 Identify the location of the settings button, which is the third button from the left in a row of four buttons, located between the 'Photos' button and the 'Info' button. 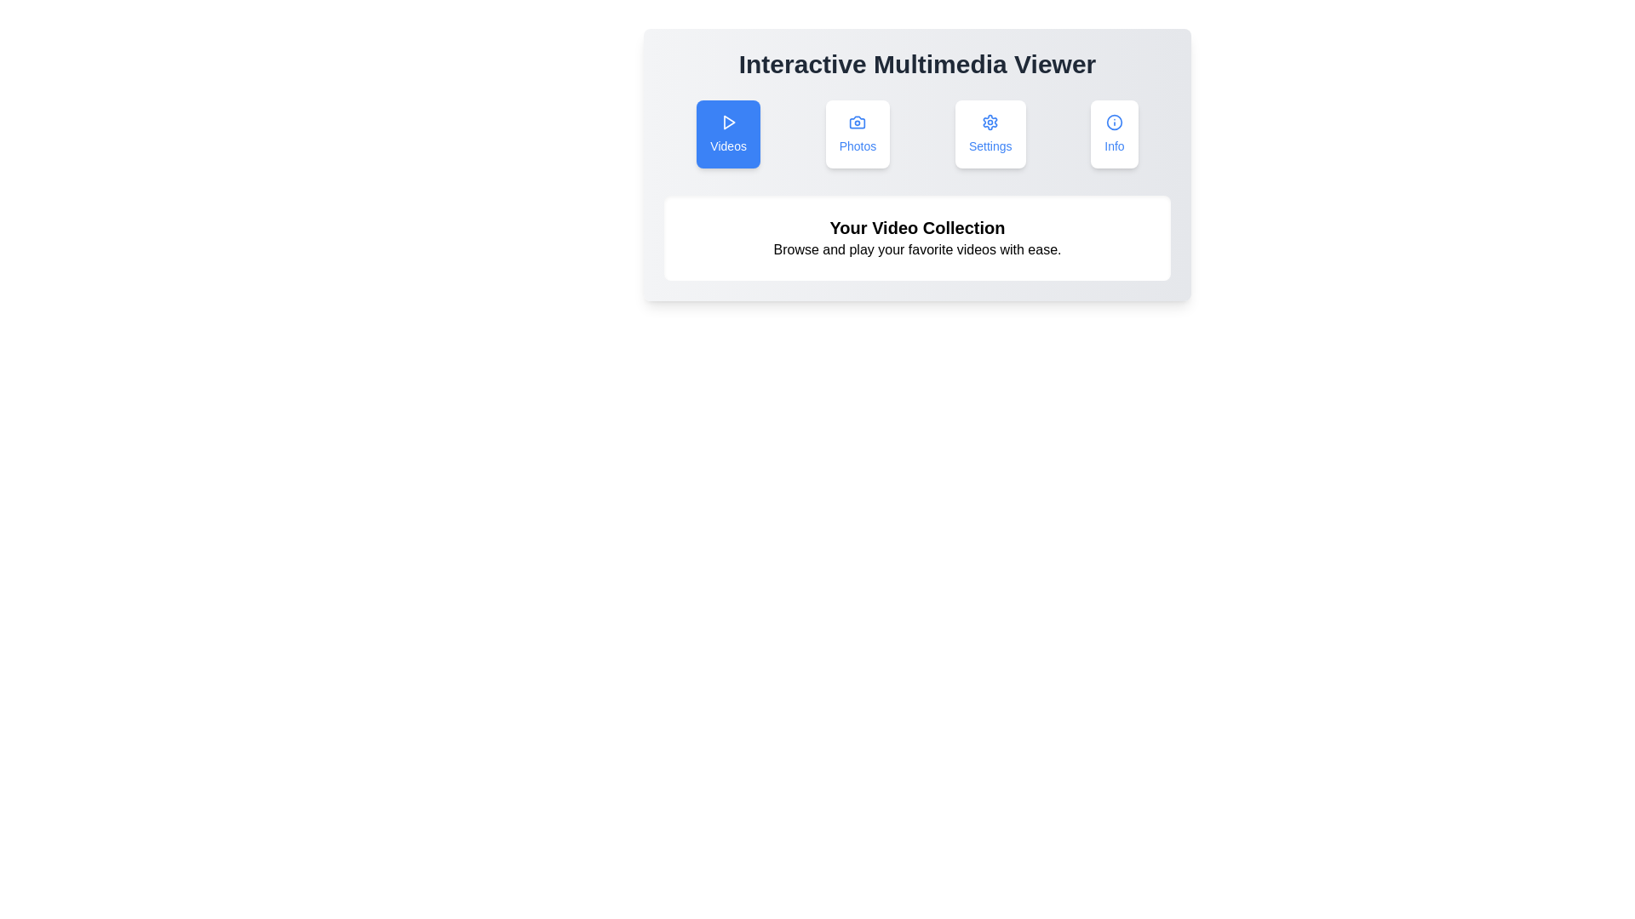
(990, 134).